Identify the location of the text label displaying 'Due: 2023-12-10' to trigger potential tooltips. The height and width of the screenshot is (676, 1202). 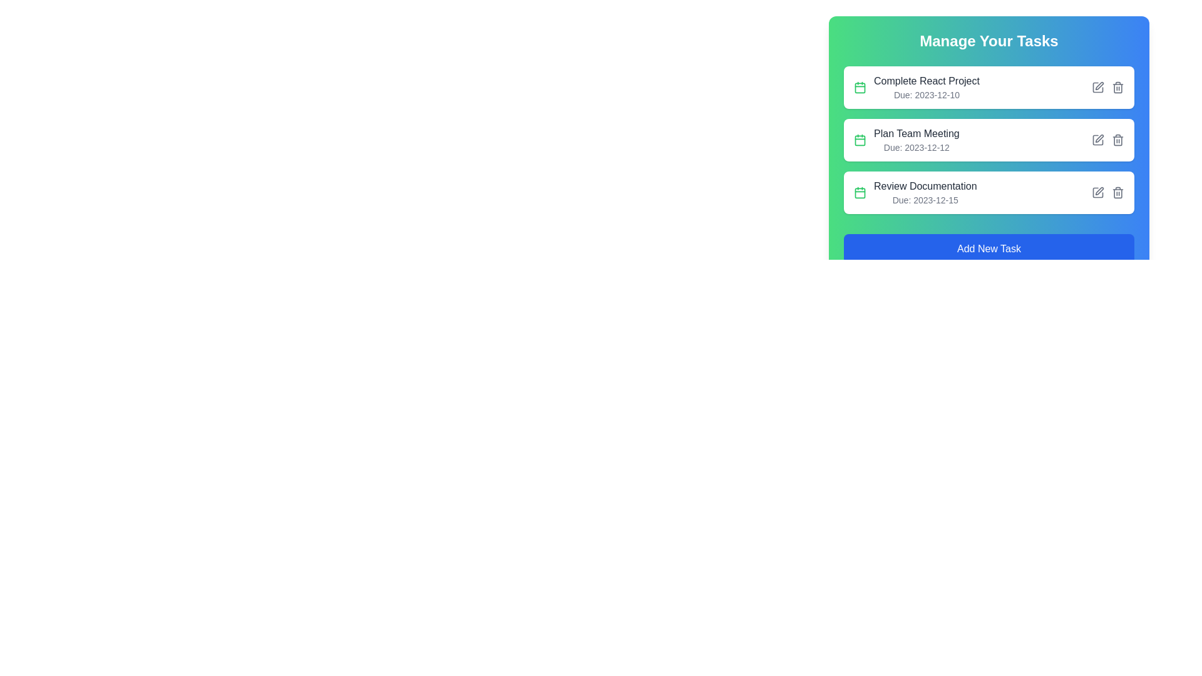
(927, 94).